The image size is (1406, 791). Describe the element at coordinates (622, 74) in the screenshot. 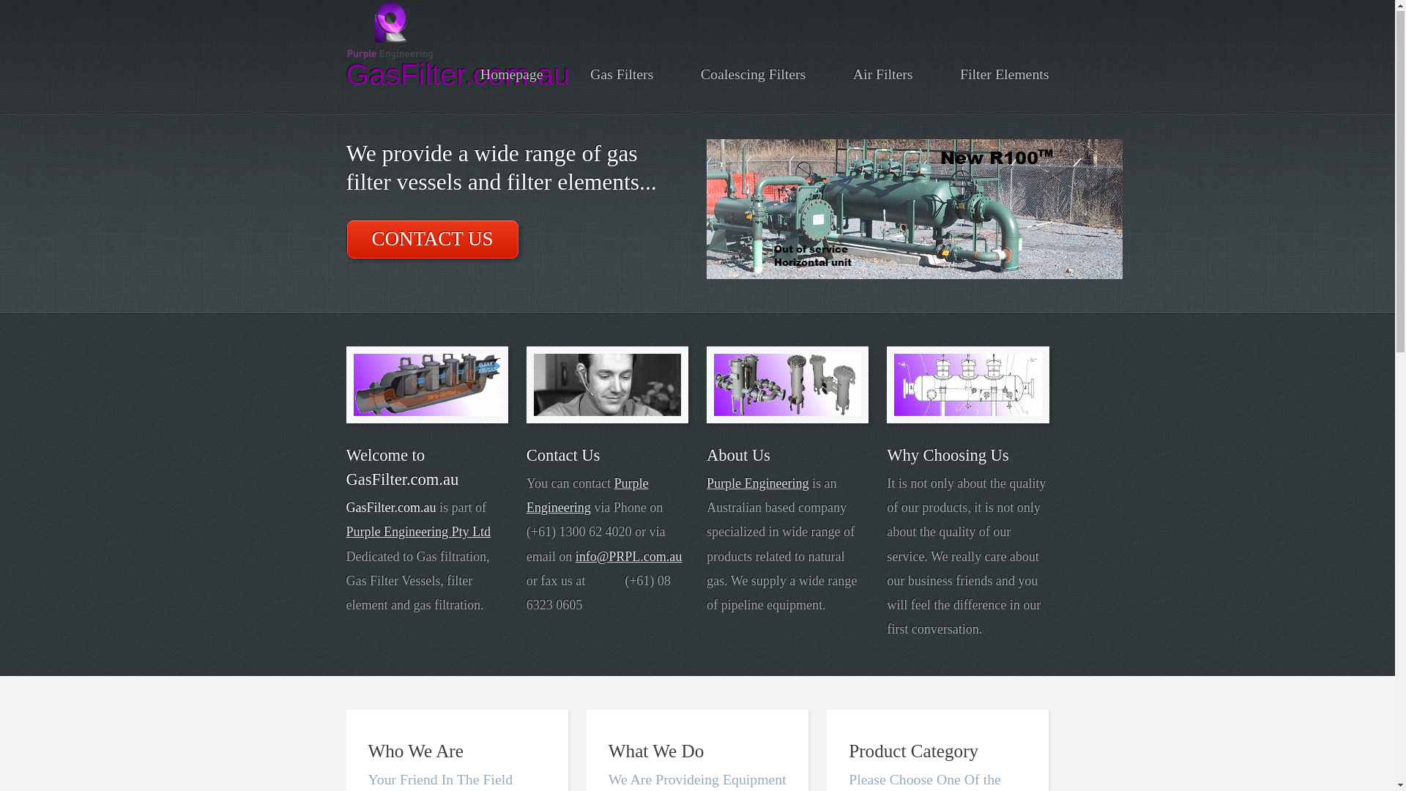

I see `'Gas Filters'` at that location.